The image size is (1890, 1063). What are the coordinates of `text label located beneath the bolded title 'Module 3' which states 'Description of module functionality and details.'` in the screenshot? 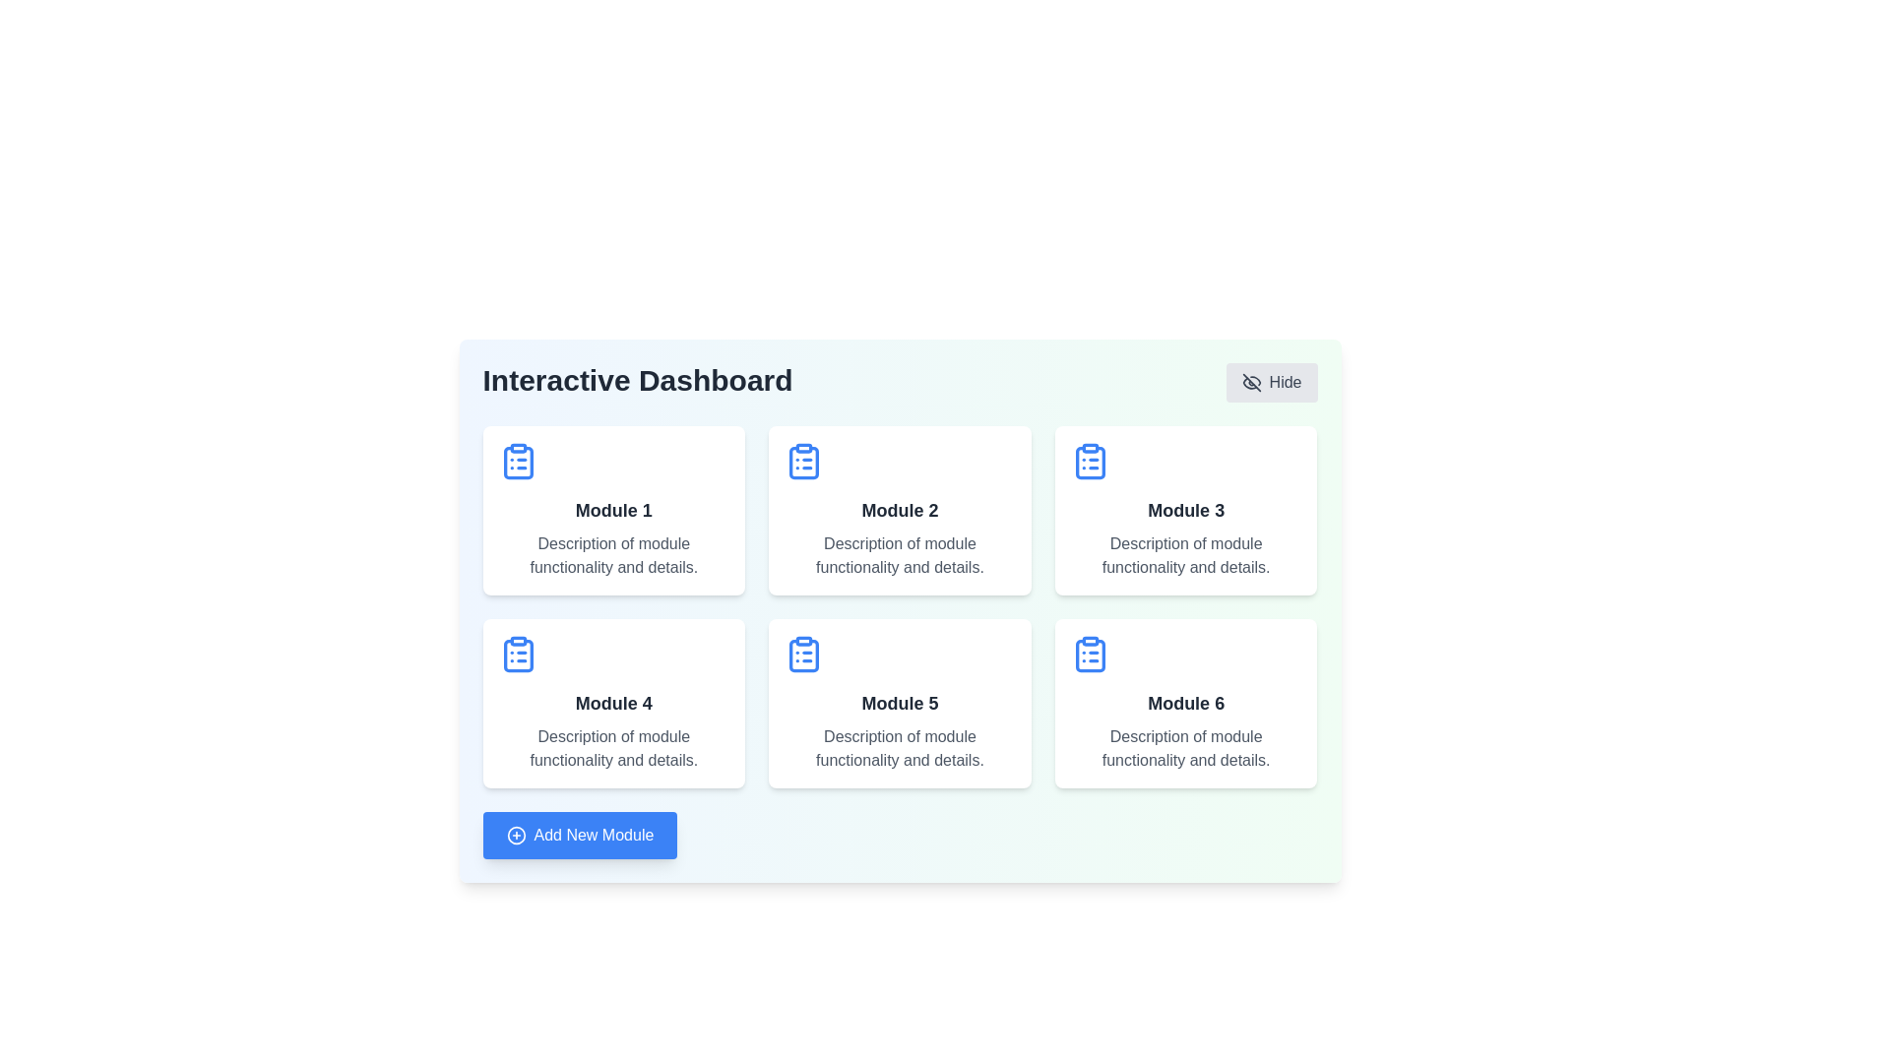 It's located at (1185, 555).